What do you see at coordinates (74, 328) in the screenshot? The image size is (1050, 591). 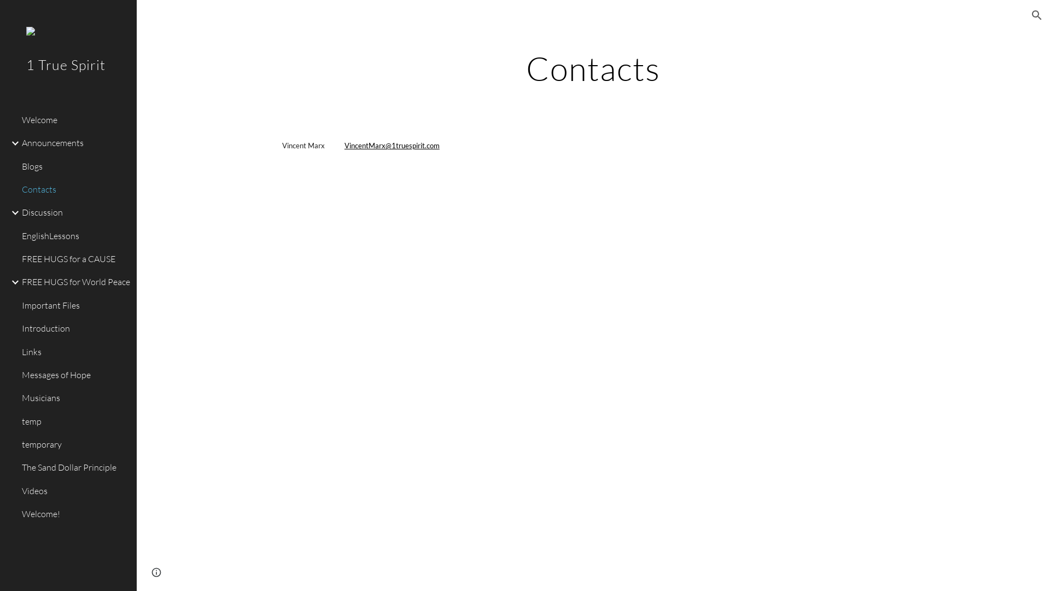 I see `'Introduction'` at bounding box center [74, 328].